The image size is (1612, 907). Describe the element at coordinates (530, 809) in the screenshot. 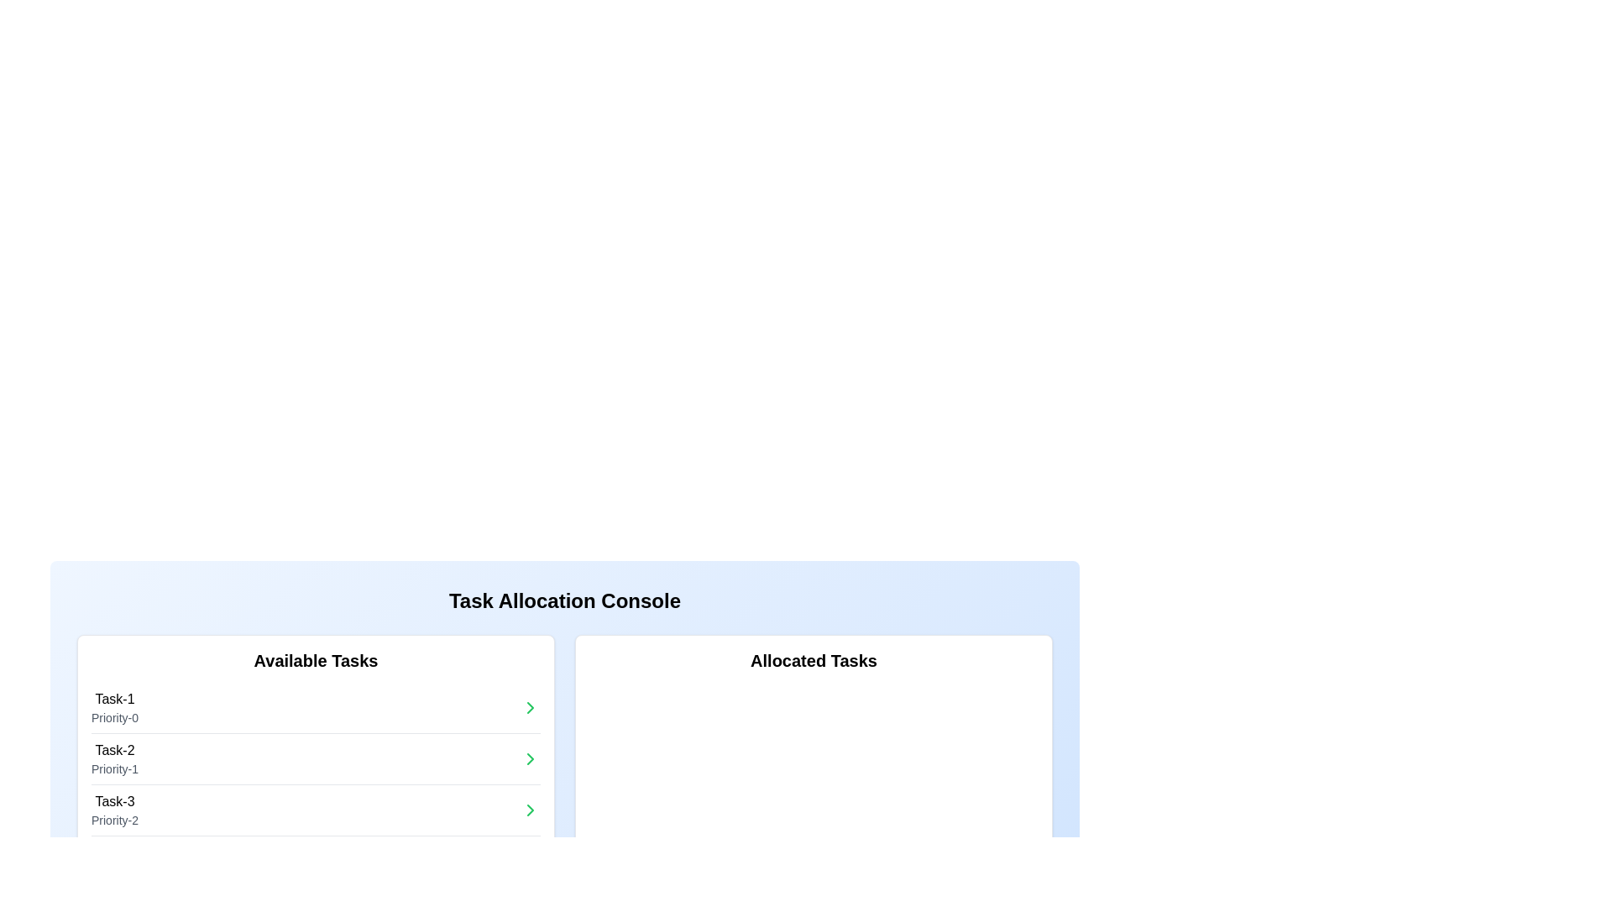

I see `the right-pointing green chevron icon located in the 'Available Tasks' section` at that location.